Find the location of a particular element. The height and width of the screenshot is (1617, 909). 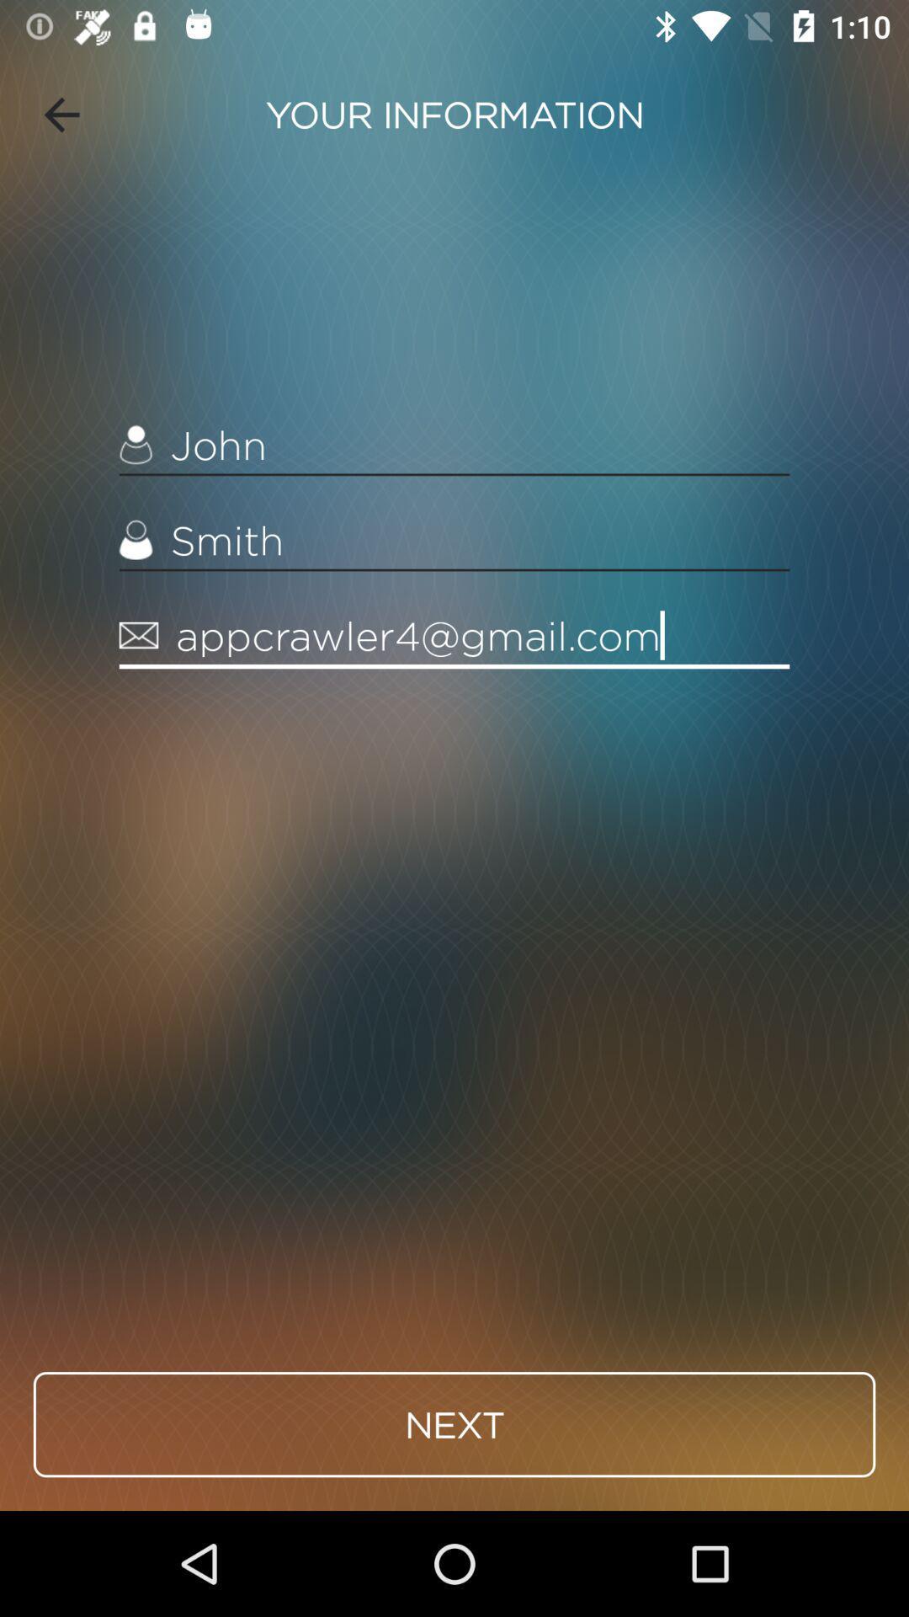

item at the top left corner is located at coordinates (61, 114).